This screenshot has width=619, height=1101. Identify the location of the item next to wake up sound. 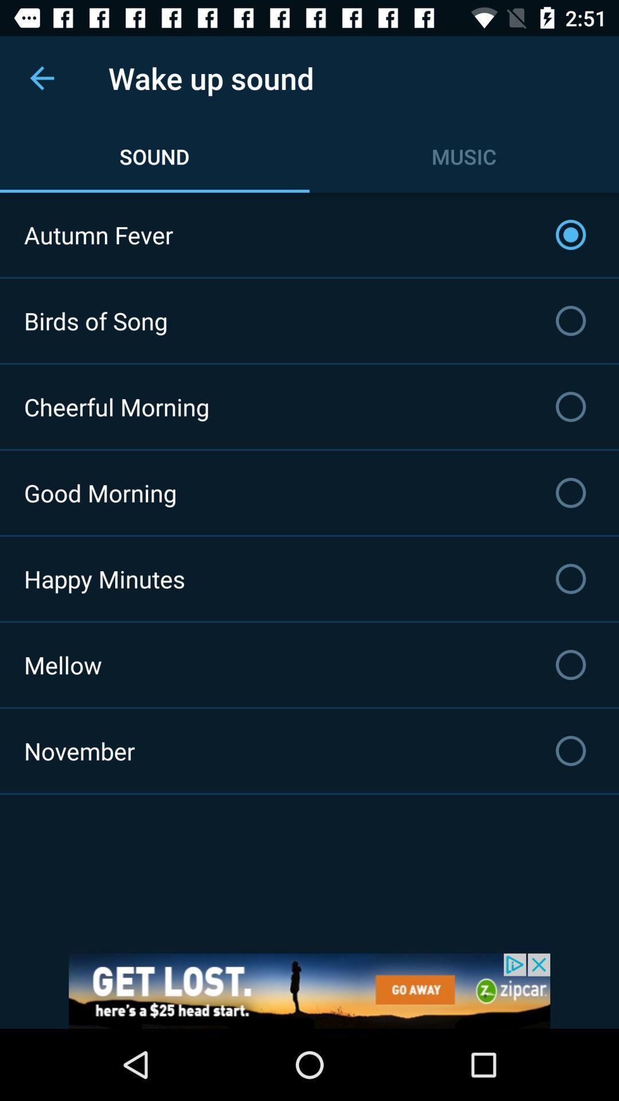
(41, 77).